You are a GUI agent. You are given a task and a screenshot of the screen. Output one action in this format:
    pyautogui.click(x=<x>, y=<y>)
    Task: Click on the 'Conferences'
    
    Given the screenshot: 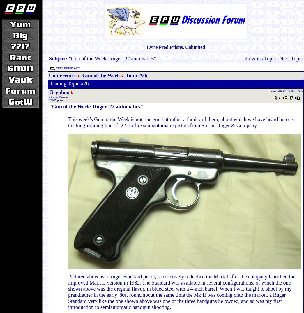 What is the action you would take?
    pyautogui.click(x=62, y=75)
    